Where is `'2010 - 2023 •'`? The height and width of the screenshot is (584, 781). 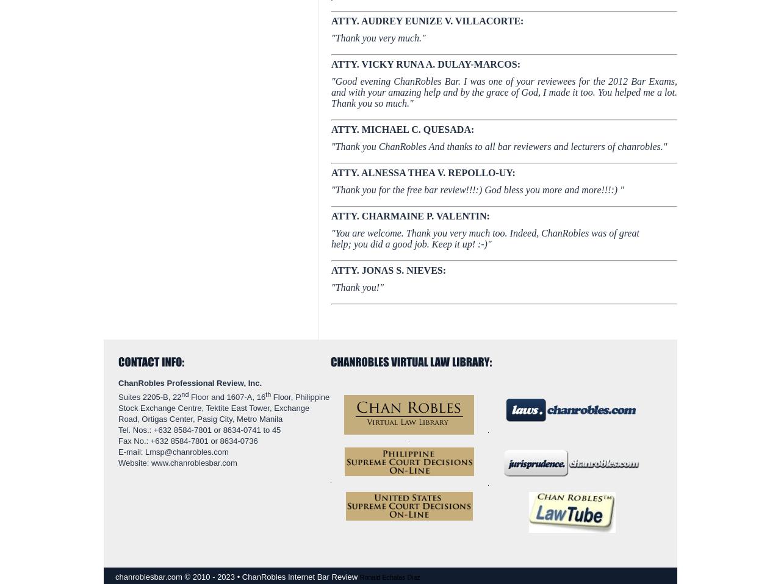
'2010 - 2023 •' is located at coordinates (217, 577).